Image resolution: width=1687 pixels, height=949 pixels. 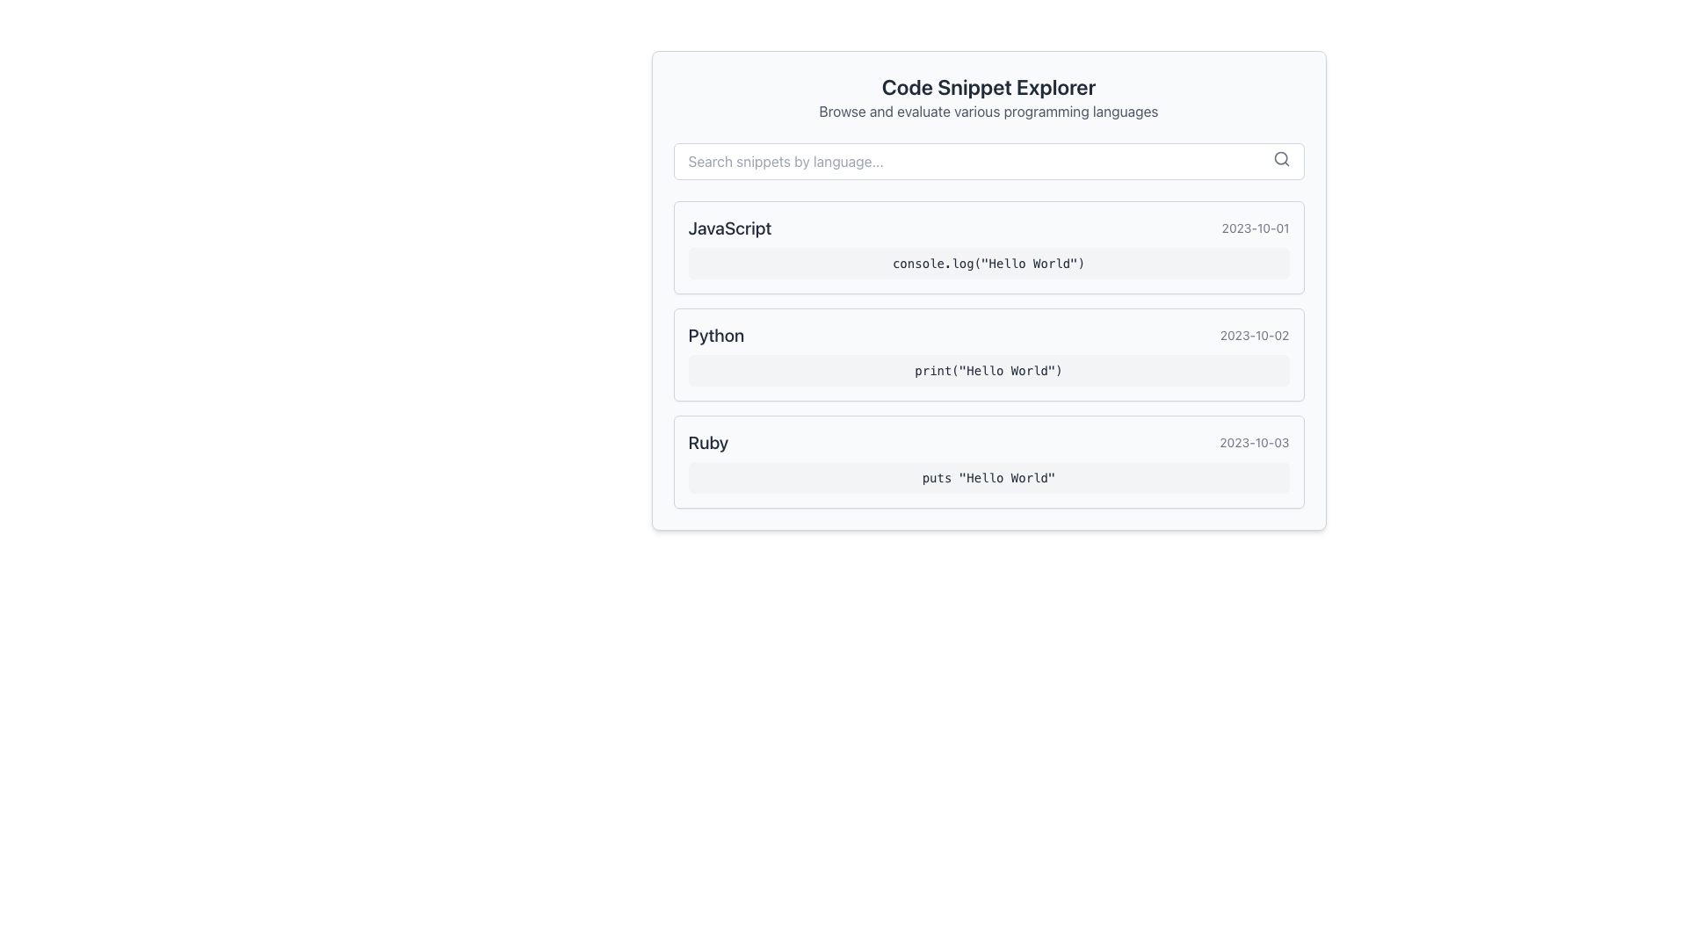 What do you see at coordinates (988, 477) in the screenshot?
I see `text content displayed in the Ruby programming example located in the Code Snippet Explorer interface, below the title 'Ruby' and adjacent to the date '2023-10-03'` at bounding box center [988, 477].